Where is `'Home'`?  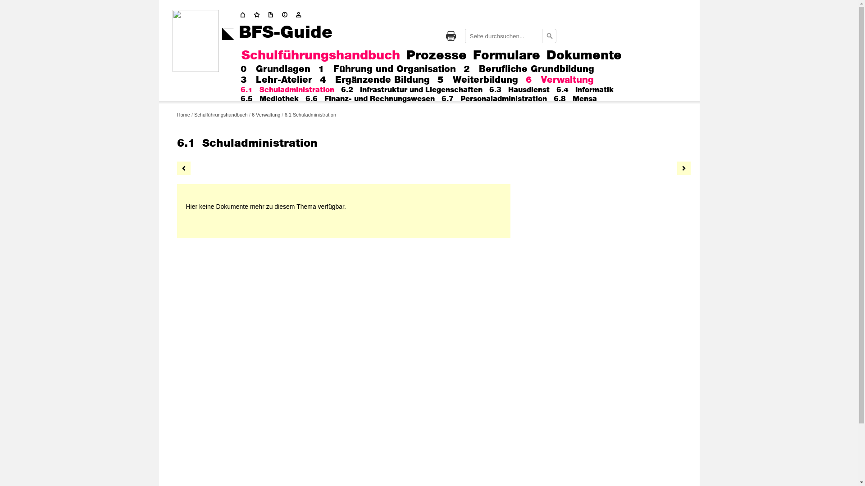
'Home' is located at coordinates (182, 114).